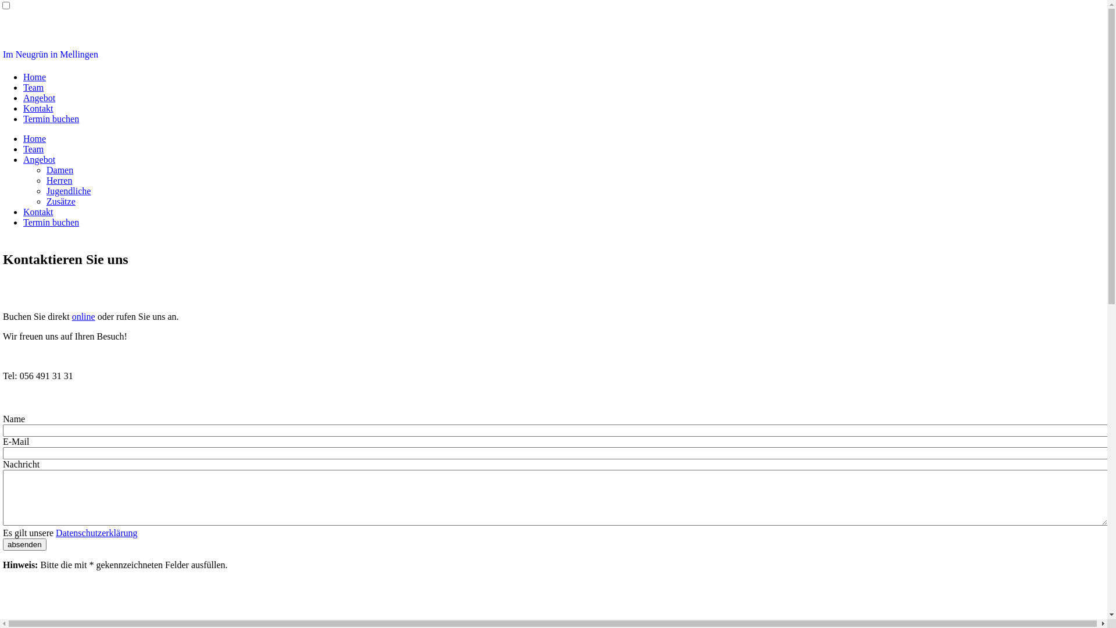  What do you see at coordinates (46, 190) in the screenshot?
I see `'Jugendliche'` at bounding box center [46, 190].